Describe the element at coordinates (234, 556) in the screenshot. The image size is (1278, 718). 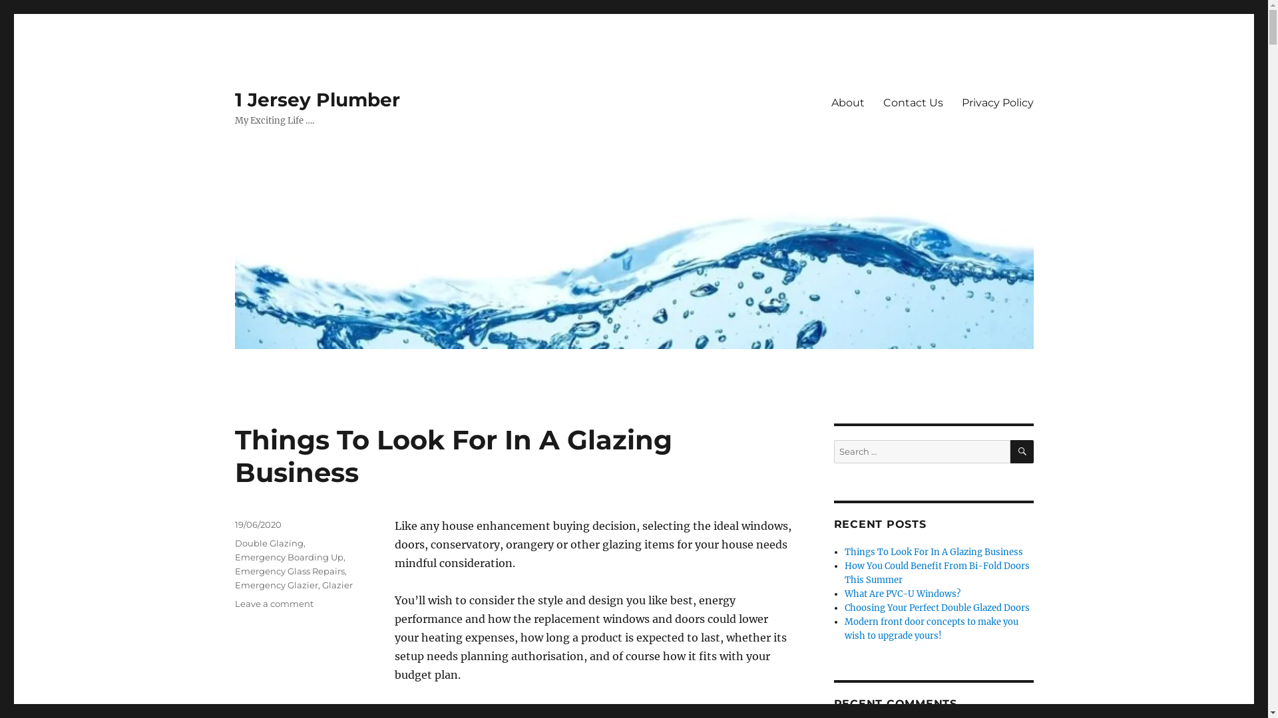
I see `'Emergency Boarding Up'` at that location.